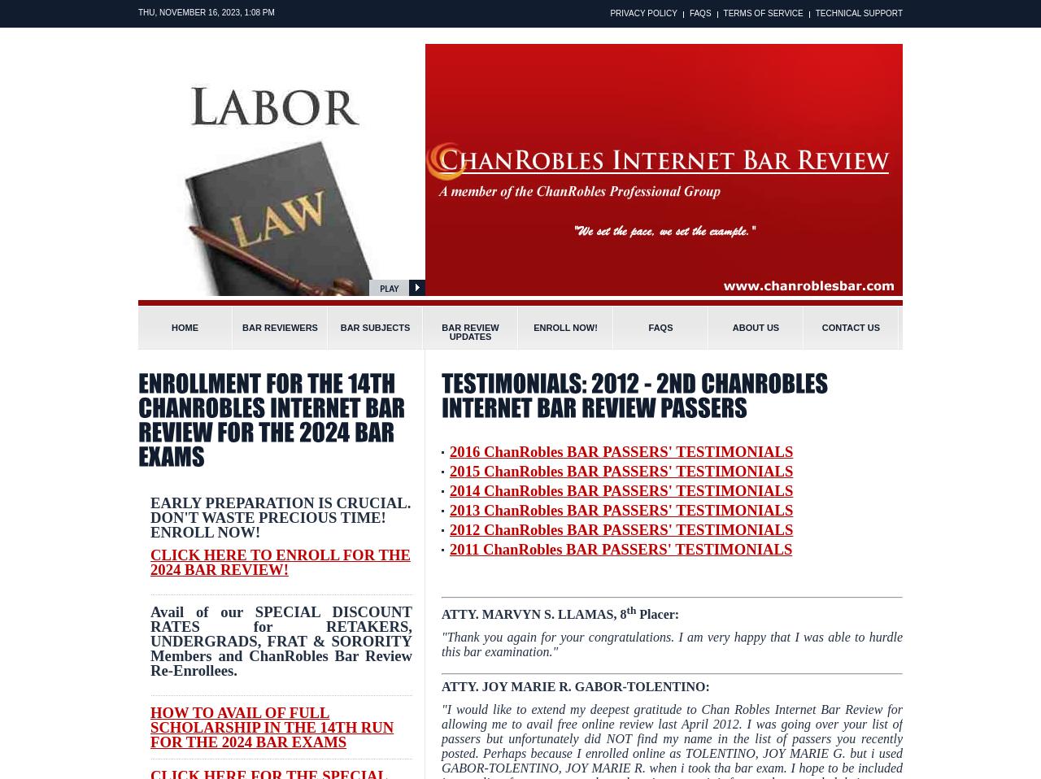 This screenshot has height=779, width=1041. Describe the element at coordinates (657, 614) in the screenshot. I see `'Placer:'` at that location.